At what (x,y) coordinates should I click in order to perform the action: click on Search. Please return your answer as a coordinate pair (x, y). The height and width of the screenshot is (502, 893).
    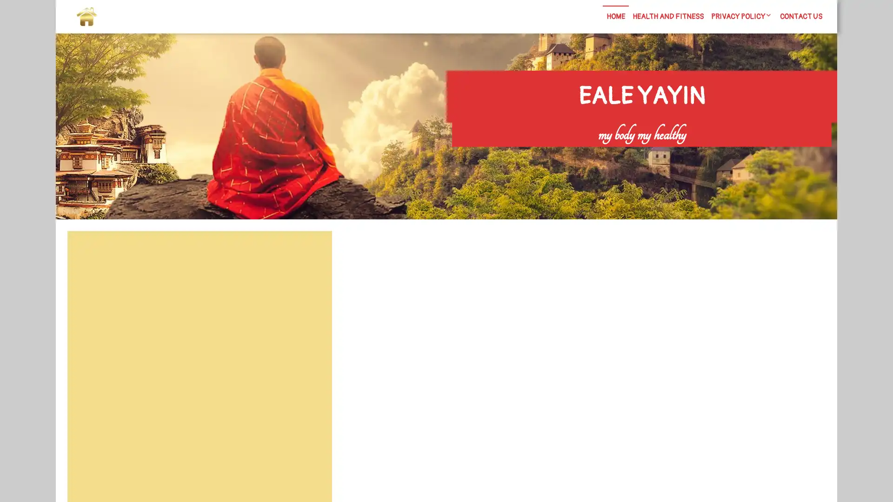
    Looking at the image, I should click on (310, 253).